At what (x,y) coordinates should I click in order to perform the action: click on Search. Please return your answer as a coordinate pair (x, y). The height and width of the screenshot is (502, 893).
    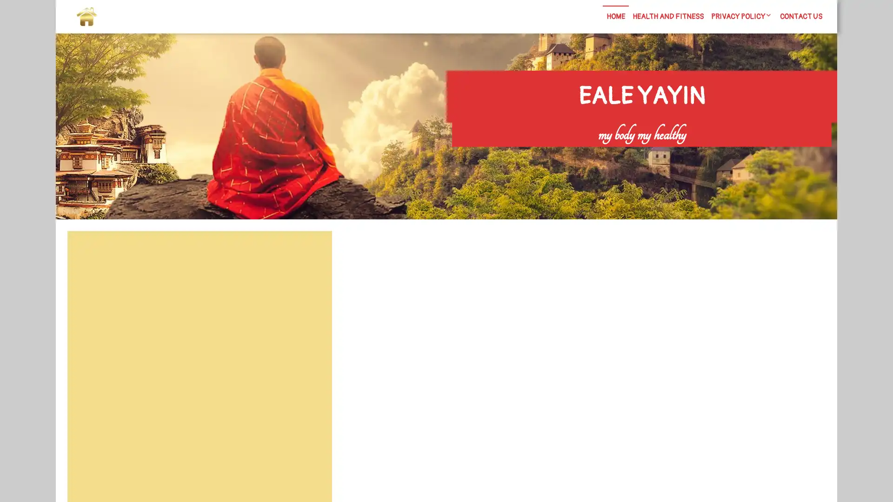
    Looking at the image, I should click on (310, 253).